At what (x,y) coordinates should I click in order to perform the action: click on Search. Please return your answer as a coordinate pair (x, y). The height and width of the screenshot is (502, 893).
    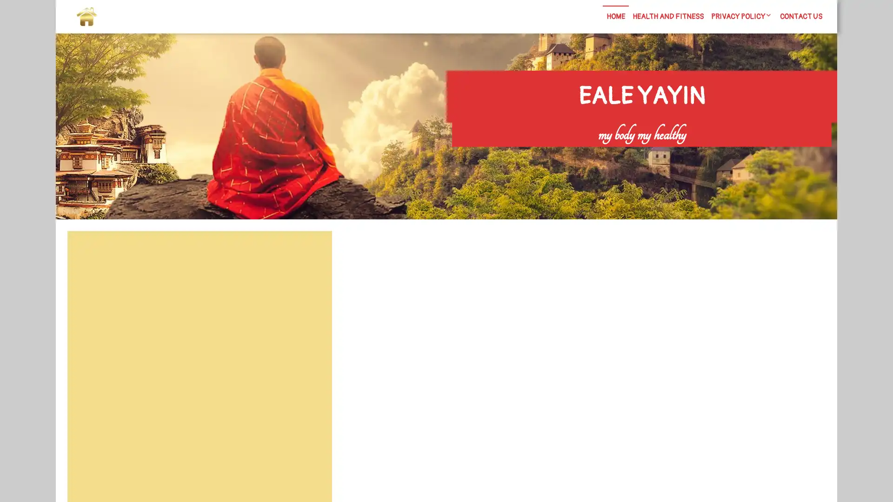
    Looking at the image, I should click on (310, 253).